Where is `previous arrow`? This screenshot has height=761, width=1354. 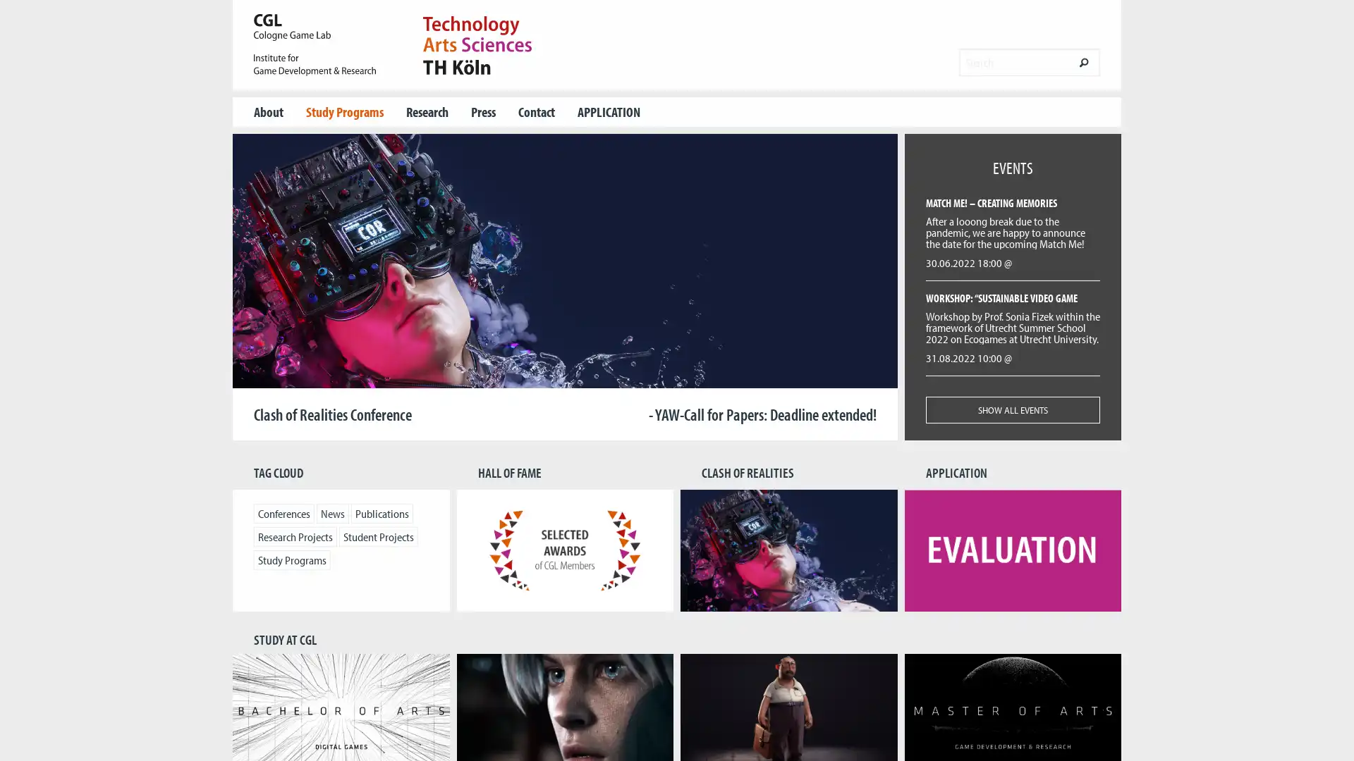 previous arrow is located at coordinates (268, 286).